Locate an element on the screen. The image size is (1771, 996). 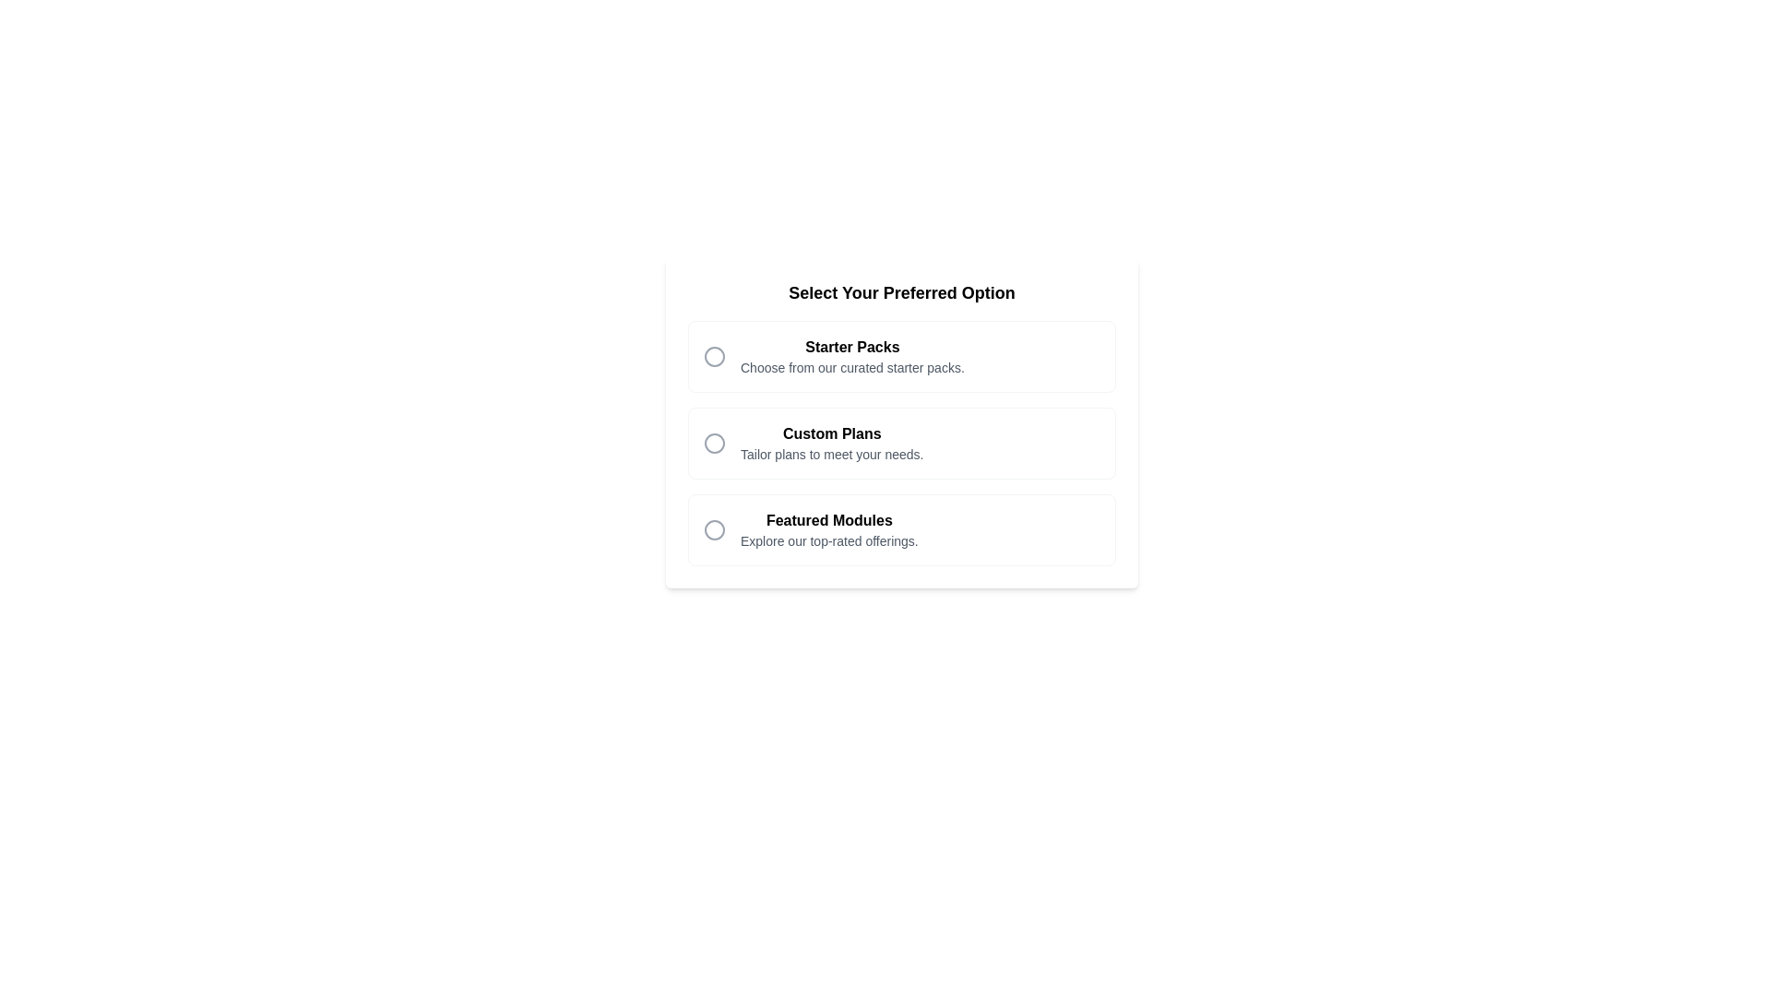
the header label for the first selectable option, which is located above the text 'Choose from our curated starter packs.' is located at coordinates (851, 348).